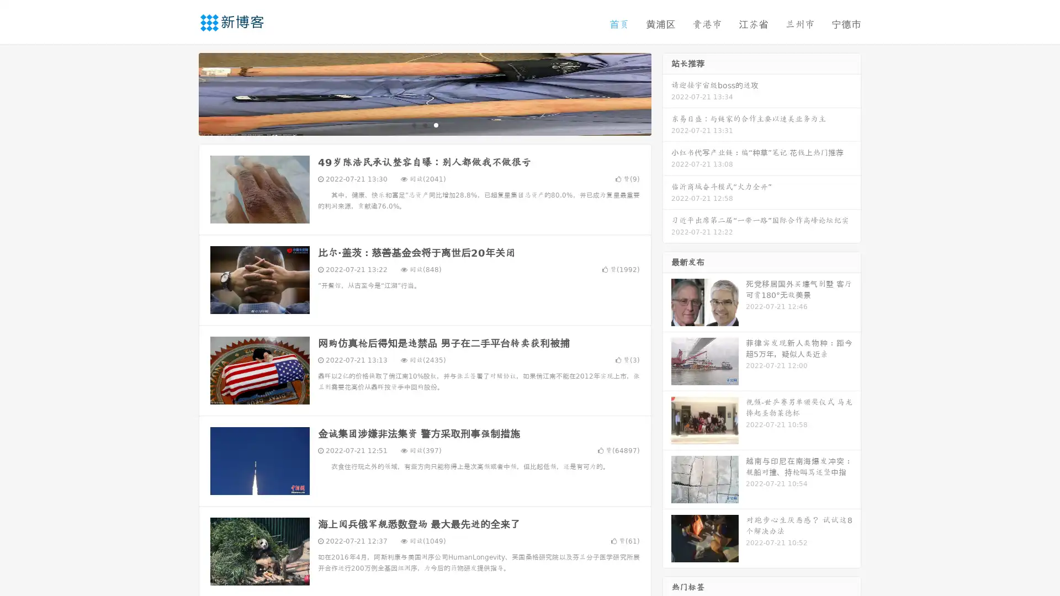  I want to click on Go to slide 3, so click(436, 124).